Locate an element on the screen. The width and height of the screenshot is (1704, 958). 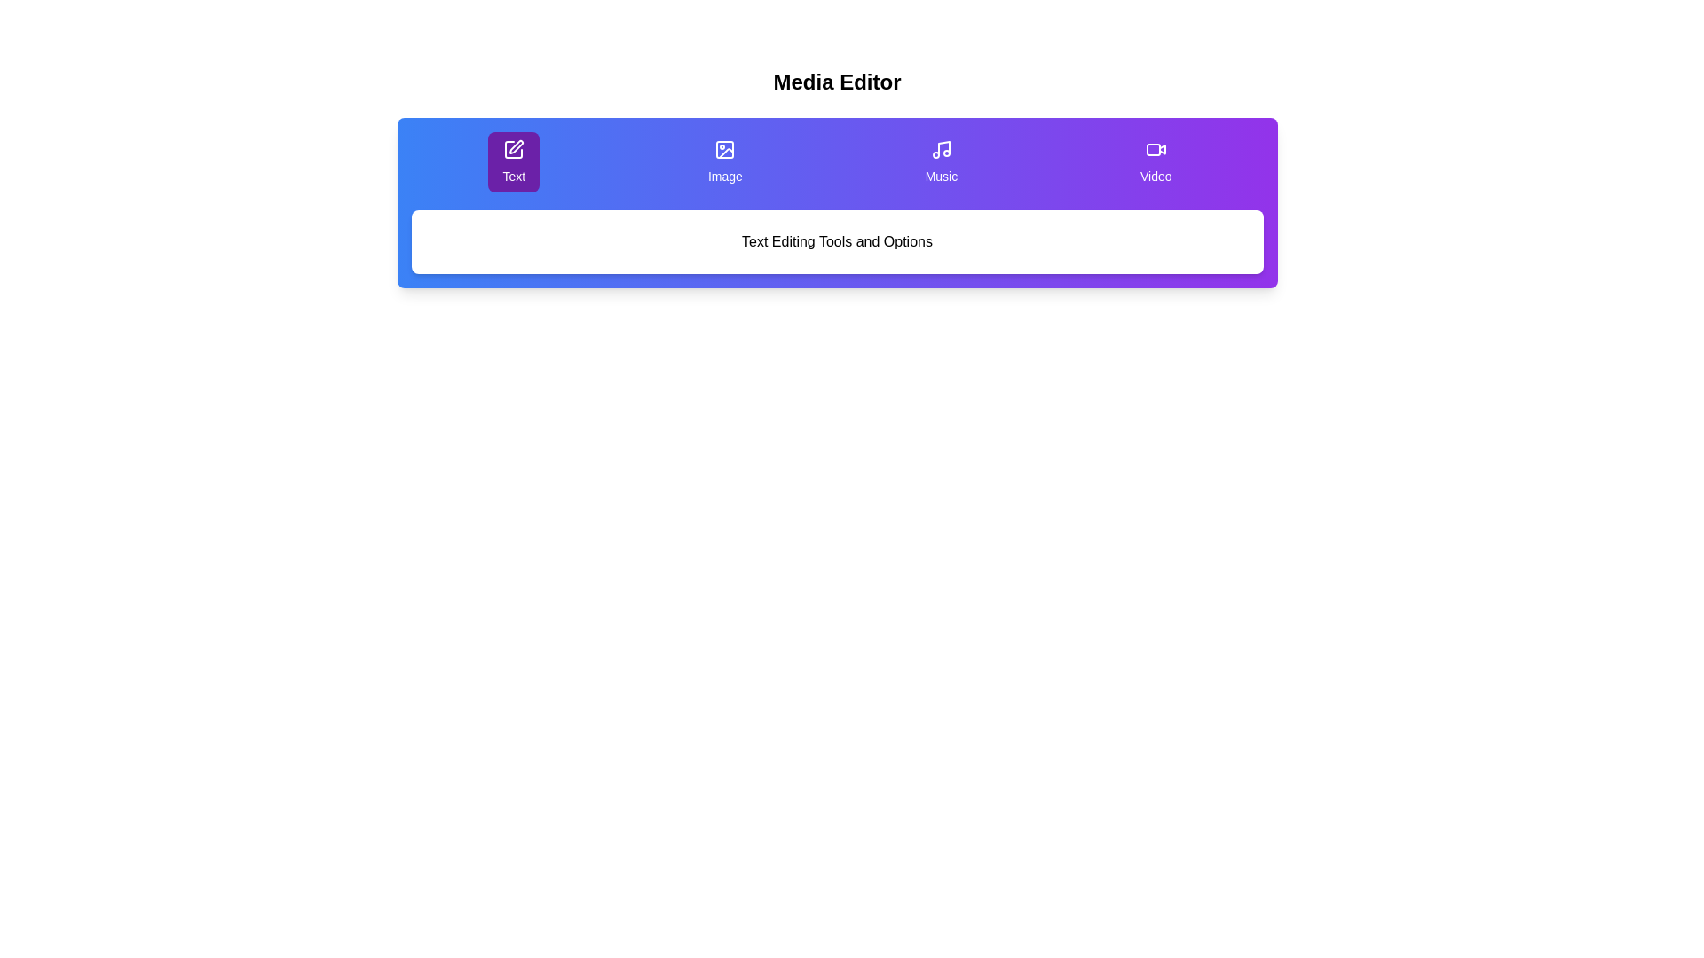
the minimalist image icon located in the second position of the 'Image' toolbar button is located at coordinates (725, 149).